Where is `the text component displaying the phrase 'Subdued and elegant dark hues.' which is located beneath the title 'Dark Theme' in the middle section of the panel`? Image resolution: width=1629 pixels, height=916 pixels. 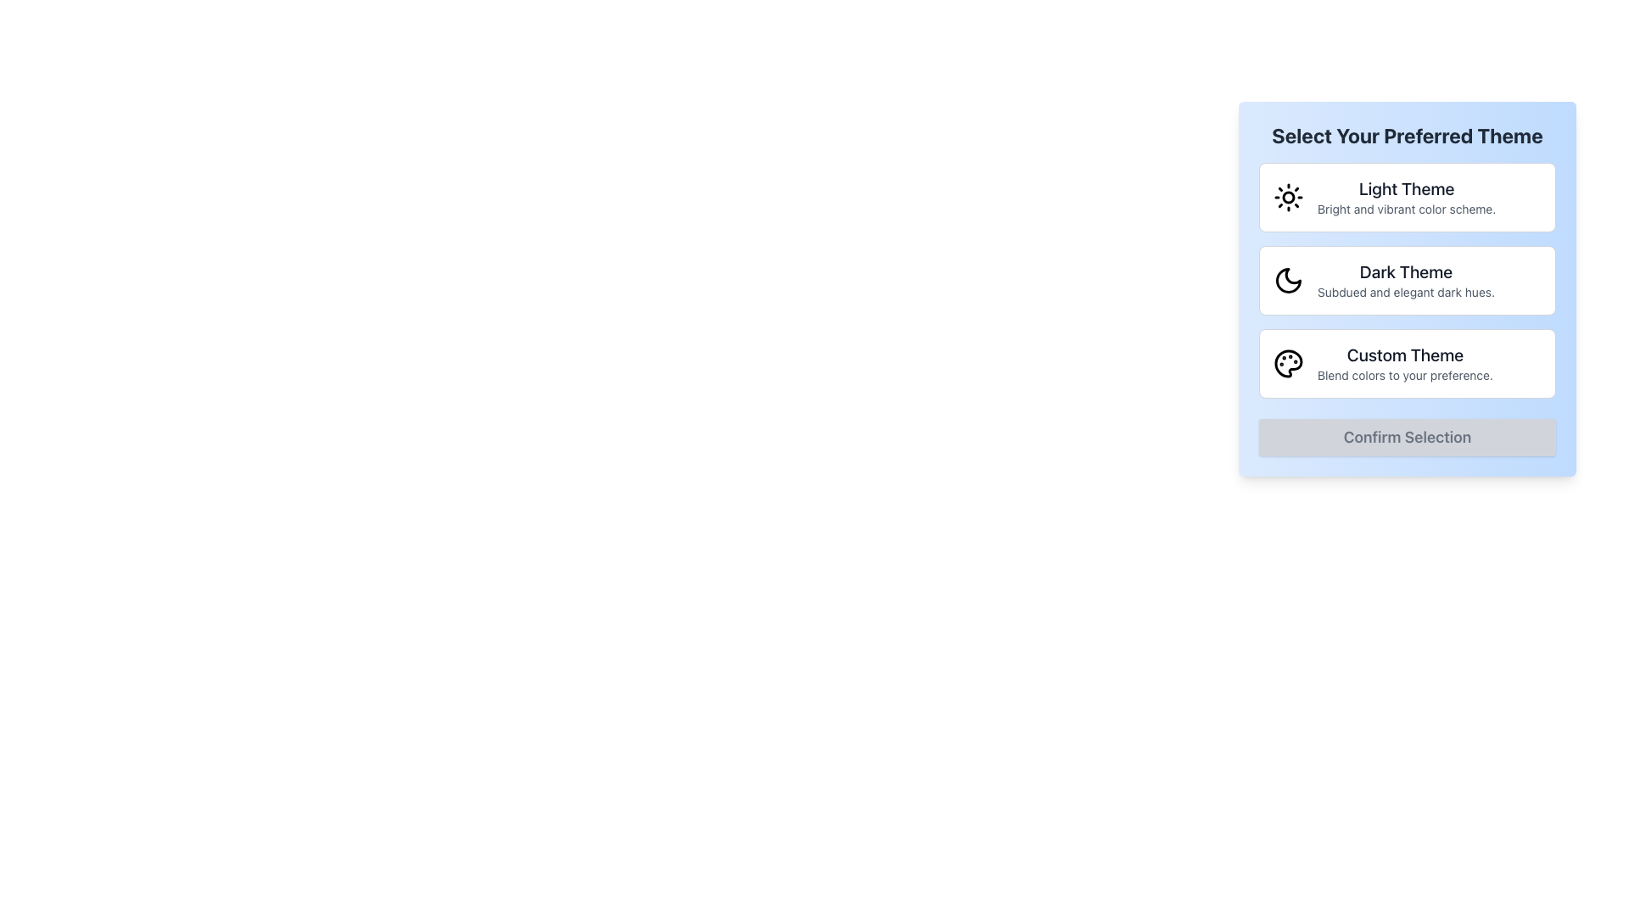
the text component displaying the phrase 'Subdued and elegant dark hues.' which is located beneath the title 'Dark Theme' in the middle section of the panel is located at coordinates (1406, 291).